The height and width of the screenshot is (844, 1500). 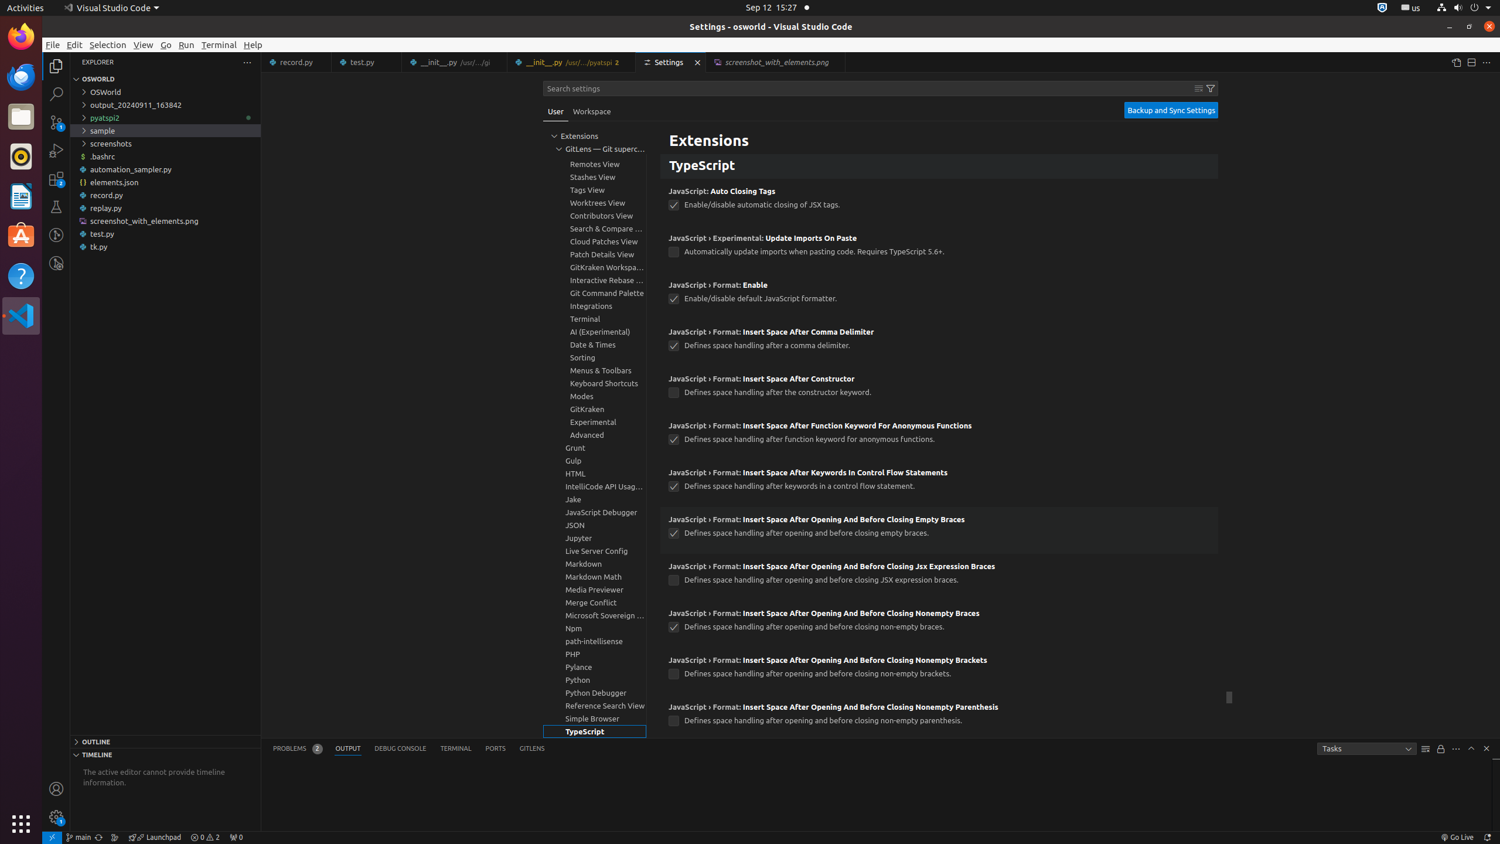 I want to click on 'automation_sampler.py', so click(x=165, y=169).